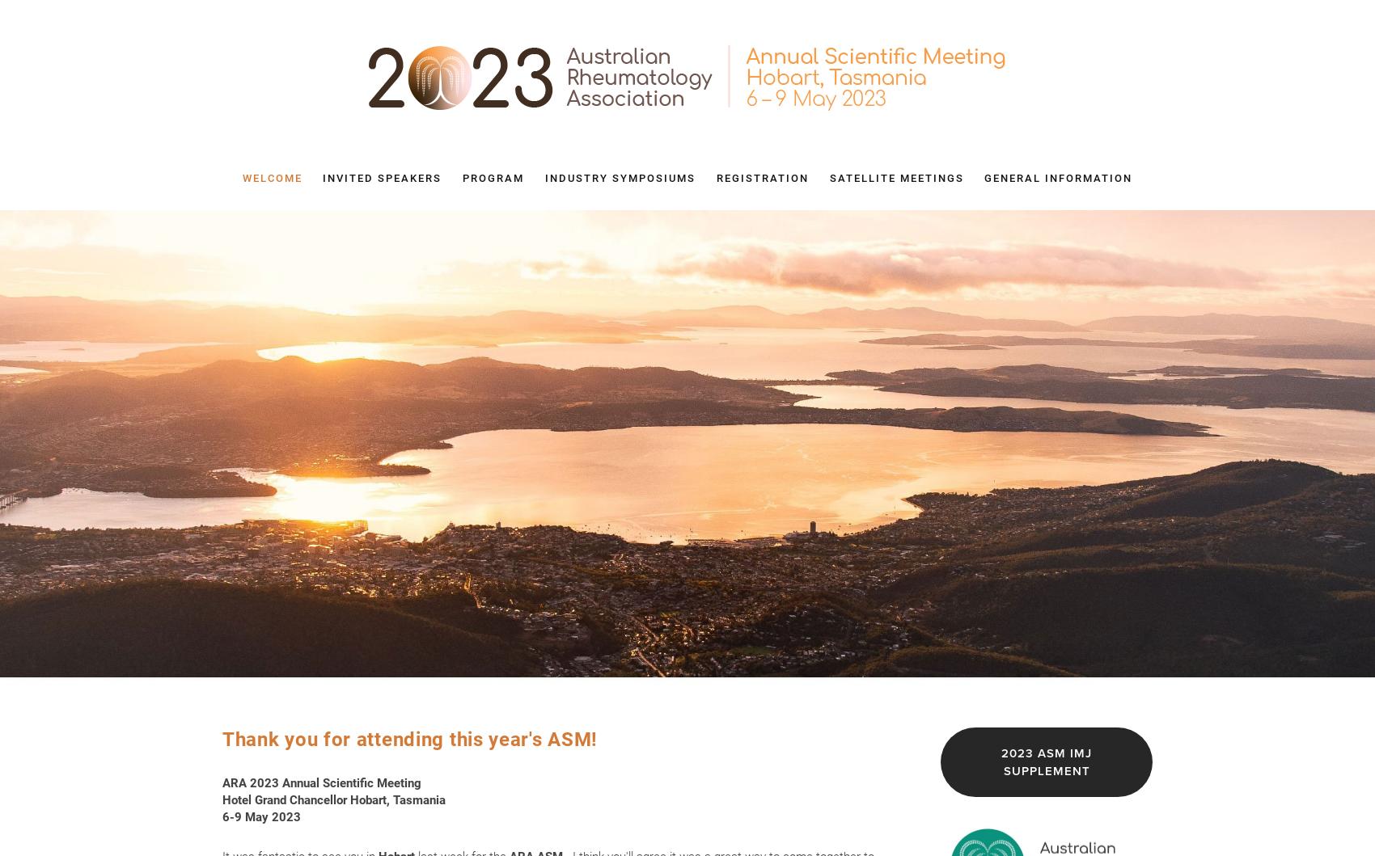 This screenshot has height=856, width=1375. I want to click on 'Thank you for attending this year's ASM!', so click(409, 739).